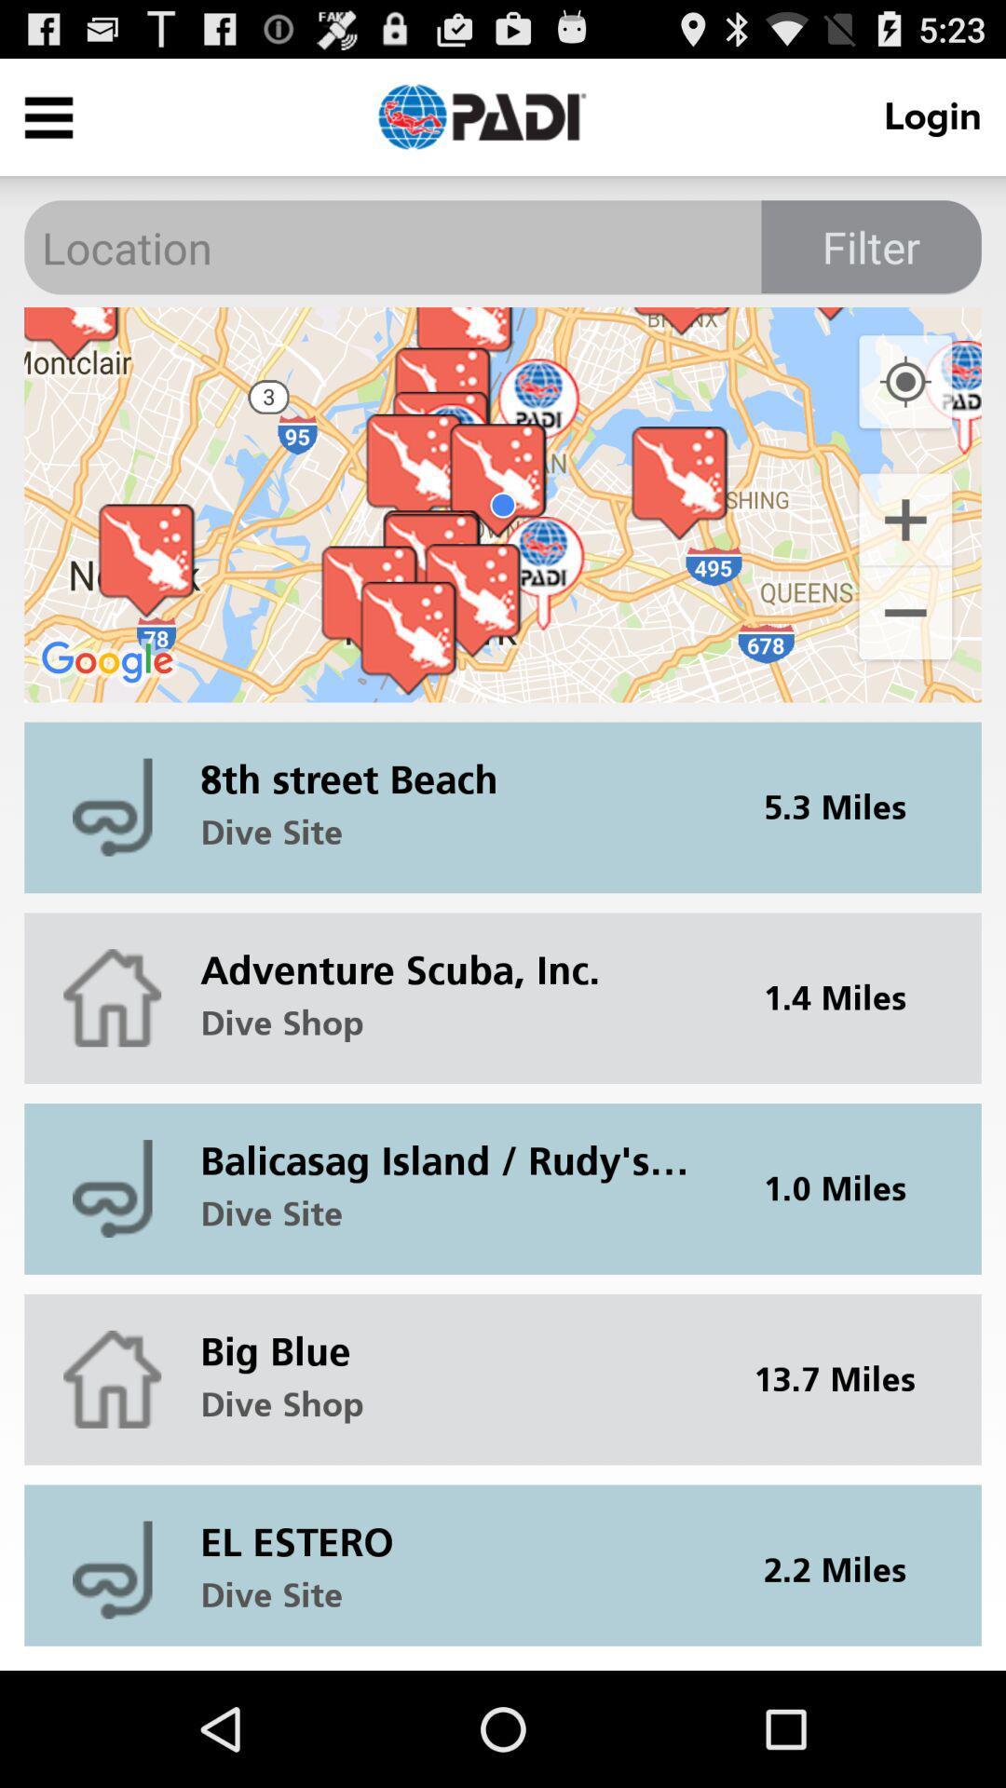 The width and height of the screenshot is (1006, 1788). Describe the element at coordinates (904, 409) in the screenshot. I see `the location_crosshair icon` at that location.